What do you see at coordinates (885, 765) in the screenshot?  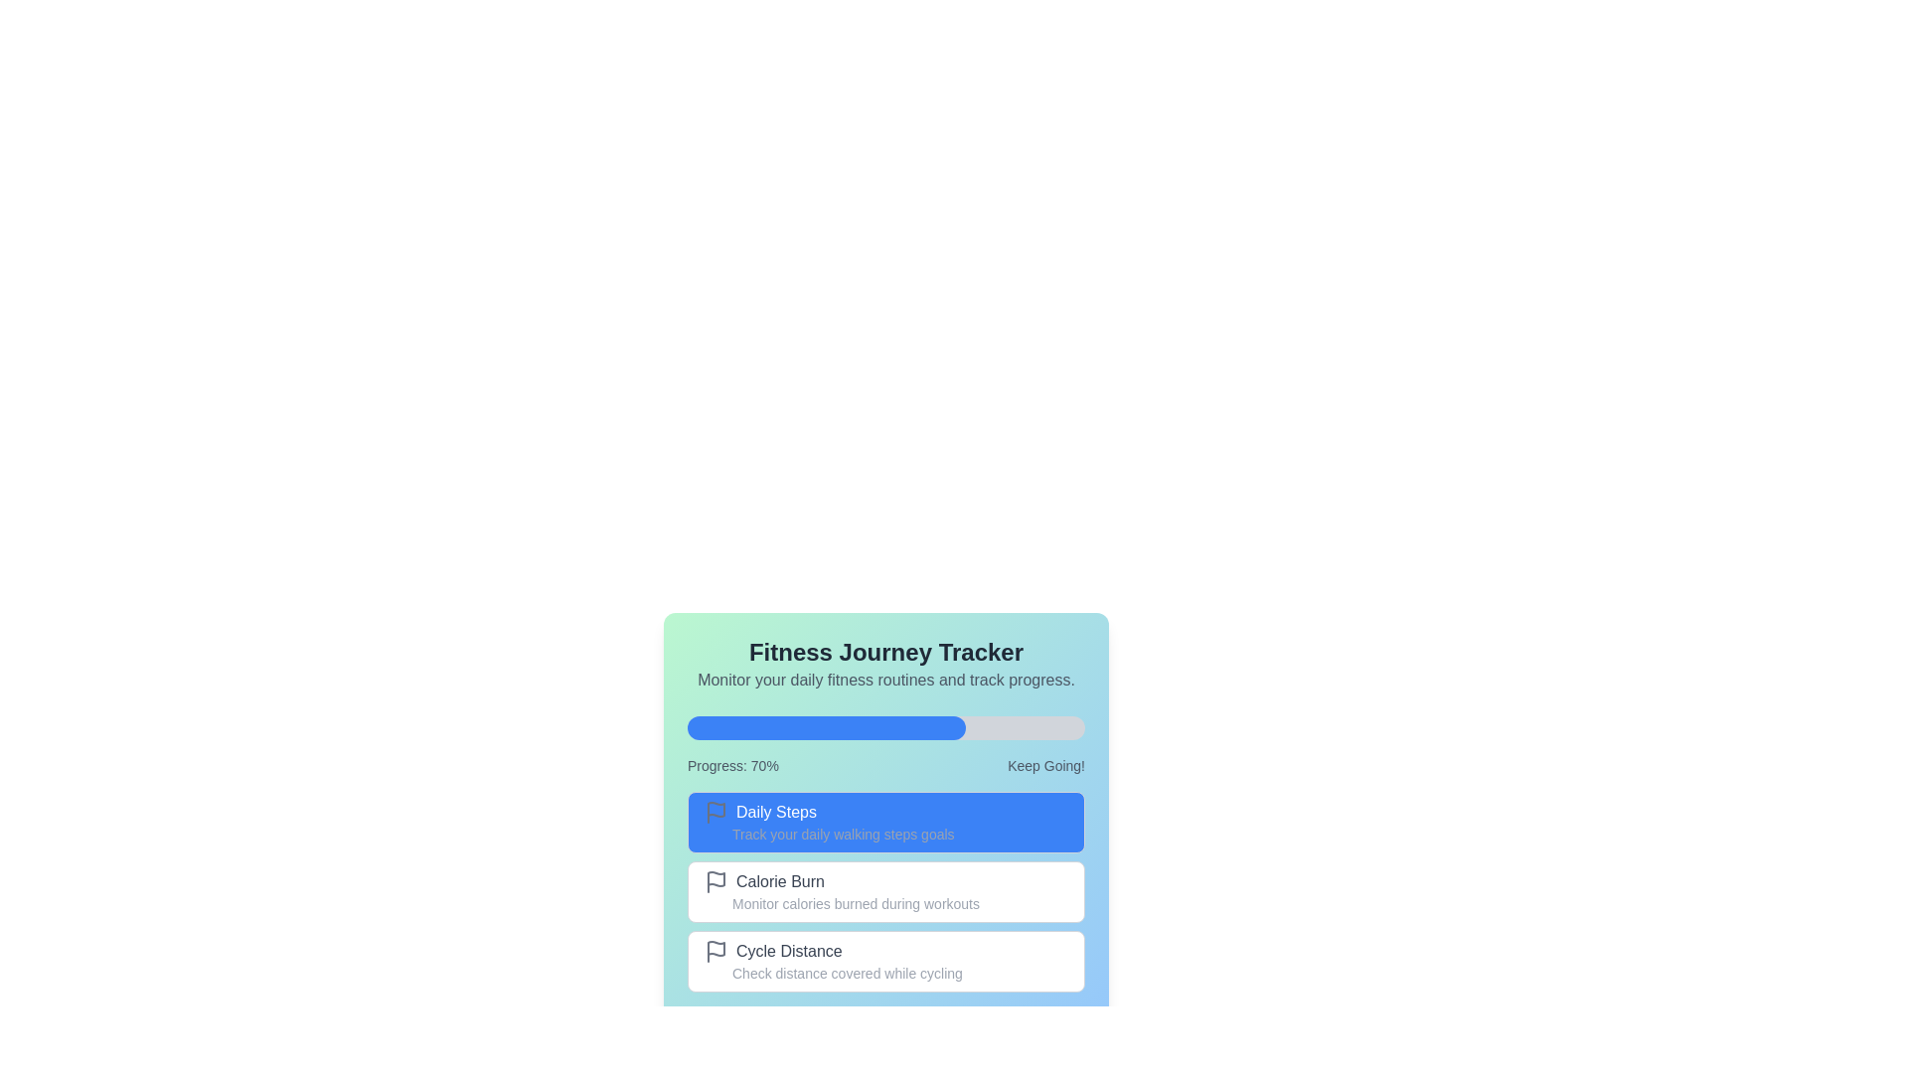 I see `the textual descriptor displaying 'Progress: 70%' and 'Keep Going!' which is located below the blue progress bar and above the 'Daily Steps' section` at bounding box center [885, 765].